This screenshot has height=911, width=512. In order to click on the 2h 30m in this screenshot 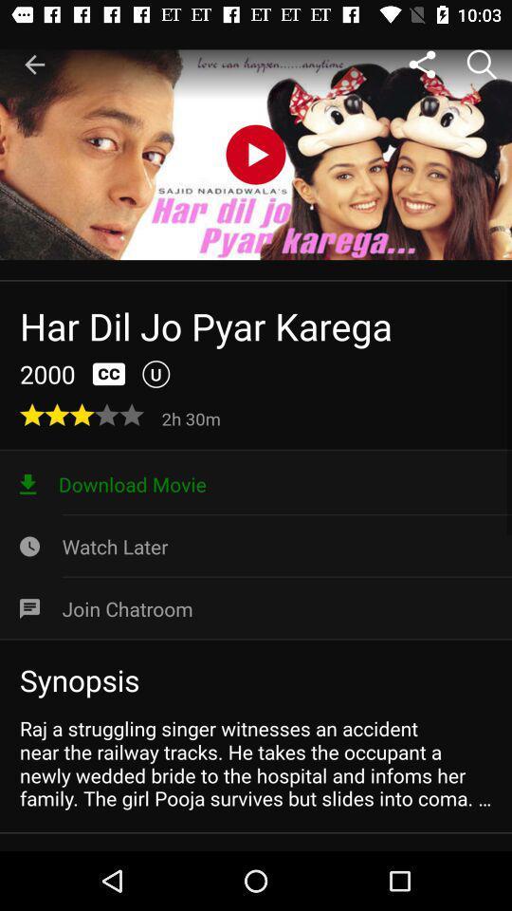, I will do `click(192, 418)`.